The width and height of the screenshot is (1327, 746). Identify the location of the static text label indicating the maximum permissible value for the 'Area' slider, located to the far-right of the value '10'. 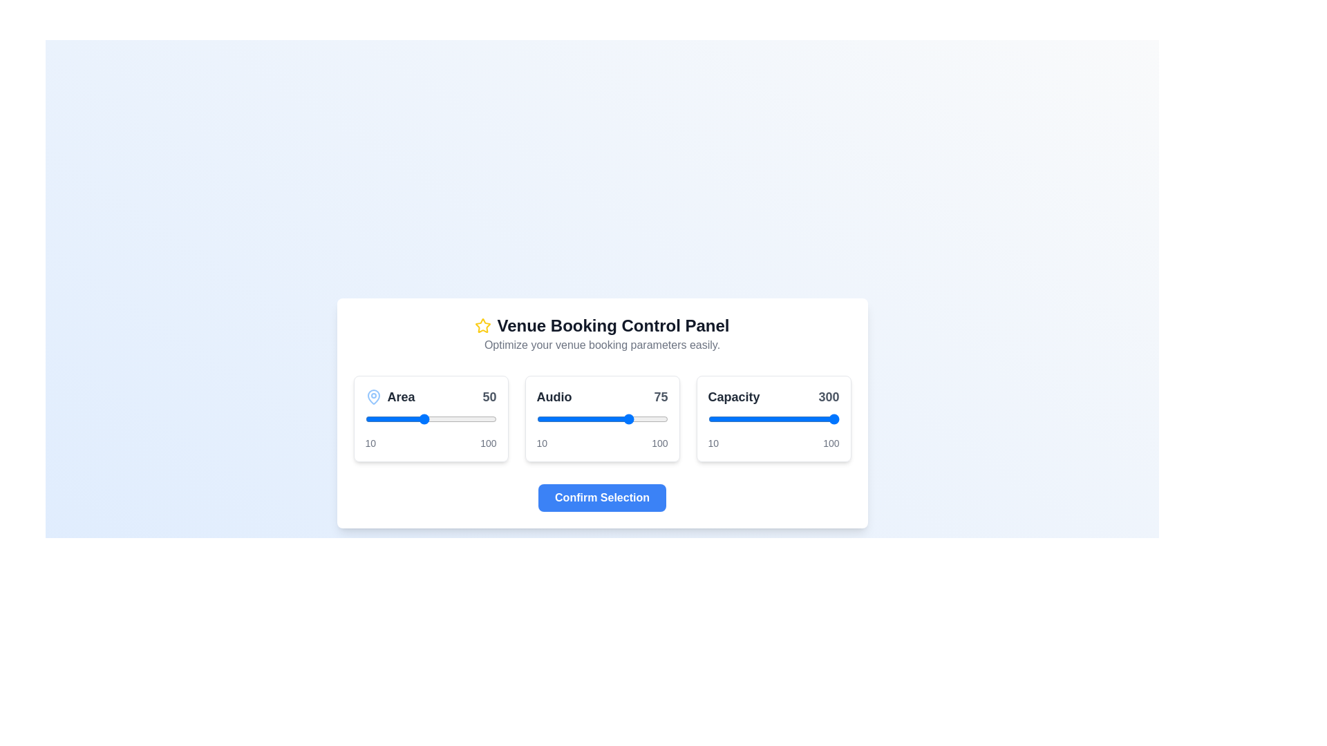
(488, 443).